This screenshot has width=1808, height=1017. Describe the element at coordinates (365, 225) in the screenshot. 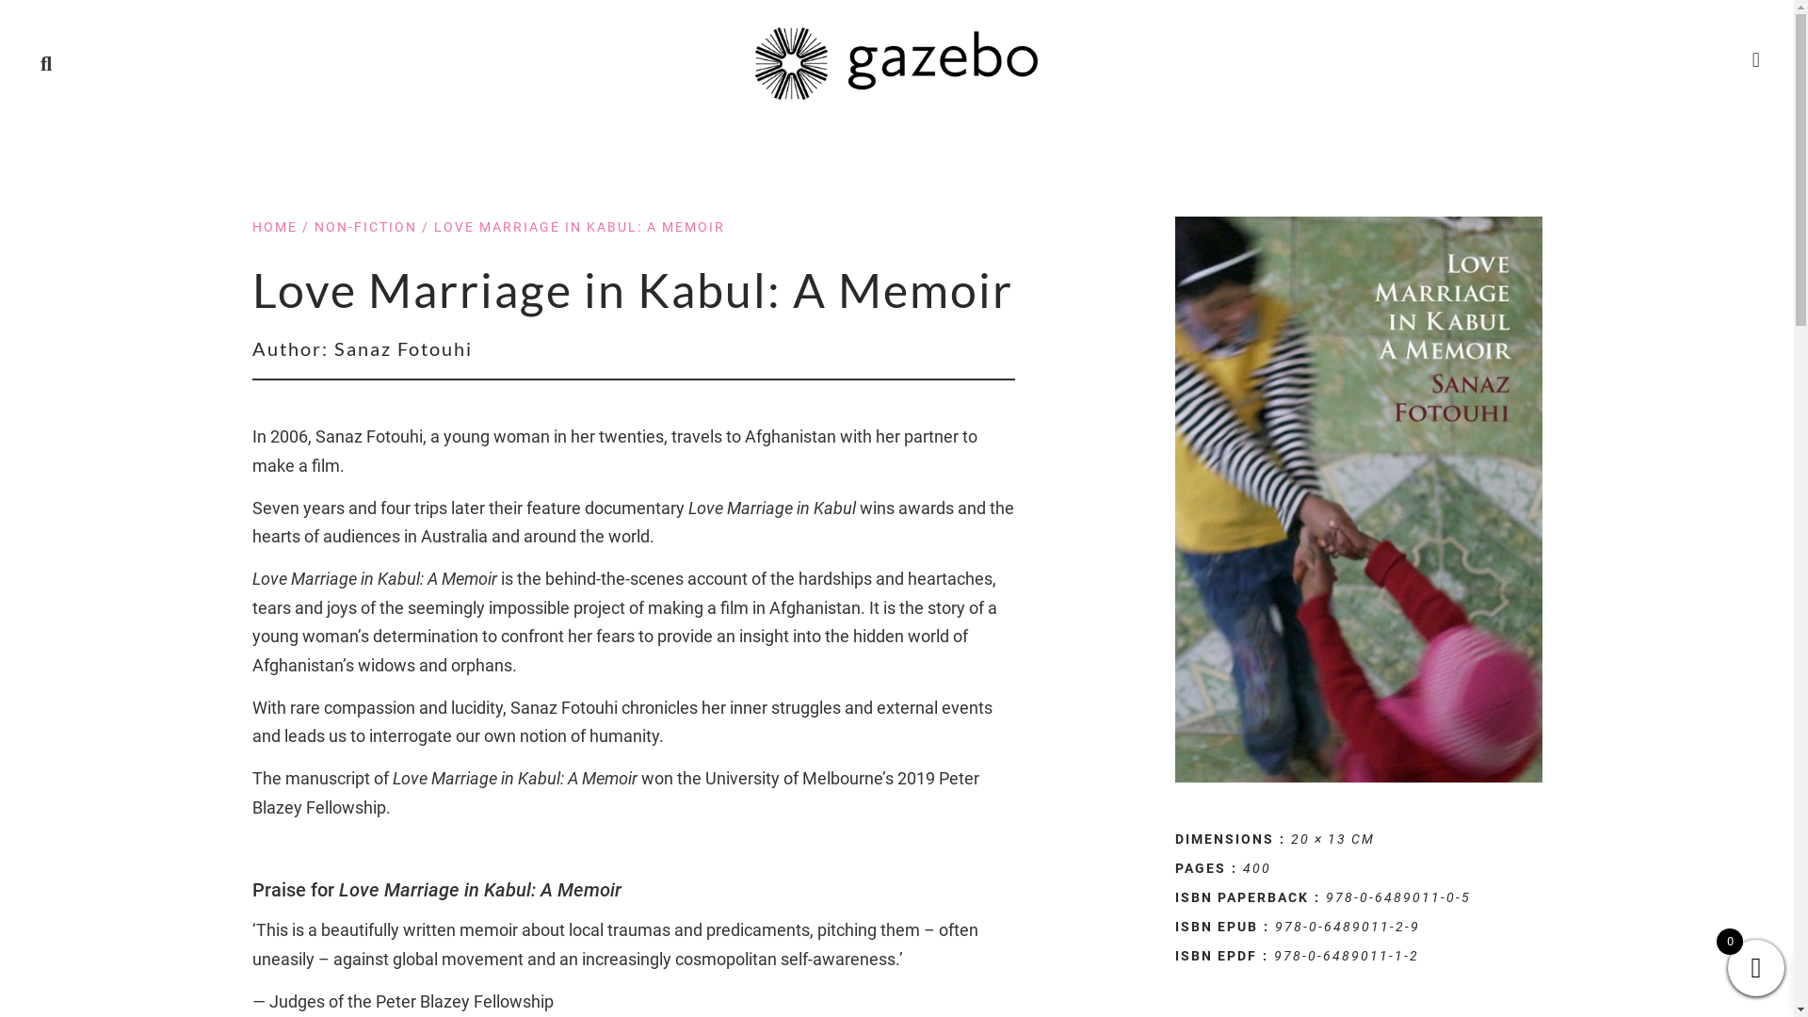

I see `'NON-FICTION'` at that location.